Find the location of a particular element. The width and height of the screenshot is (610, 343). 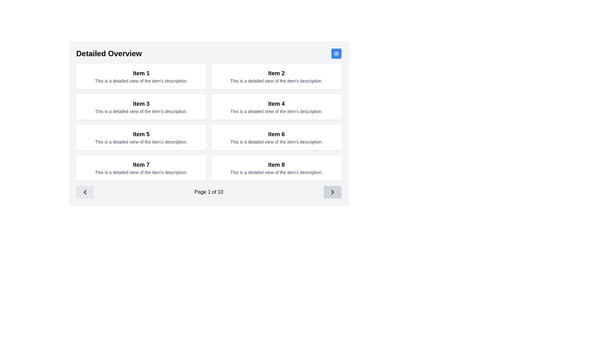

the gear icon representing settings, which is styled with a blue background and white foreground is located at coordinates (336, 53).